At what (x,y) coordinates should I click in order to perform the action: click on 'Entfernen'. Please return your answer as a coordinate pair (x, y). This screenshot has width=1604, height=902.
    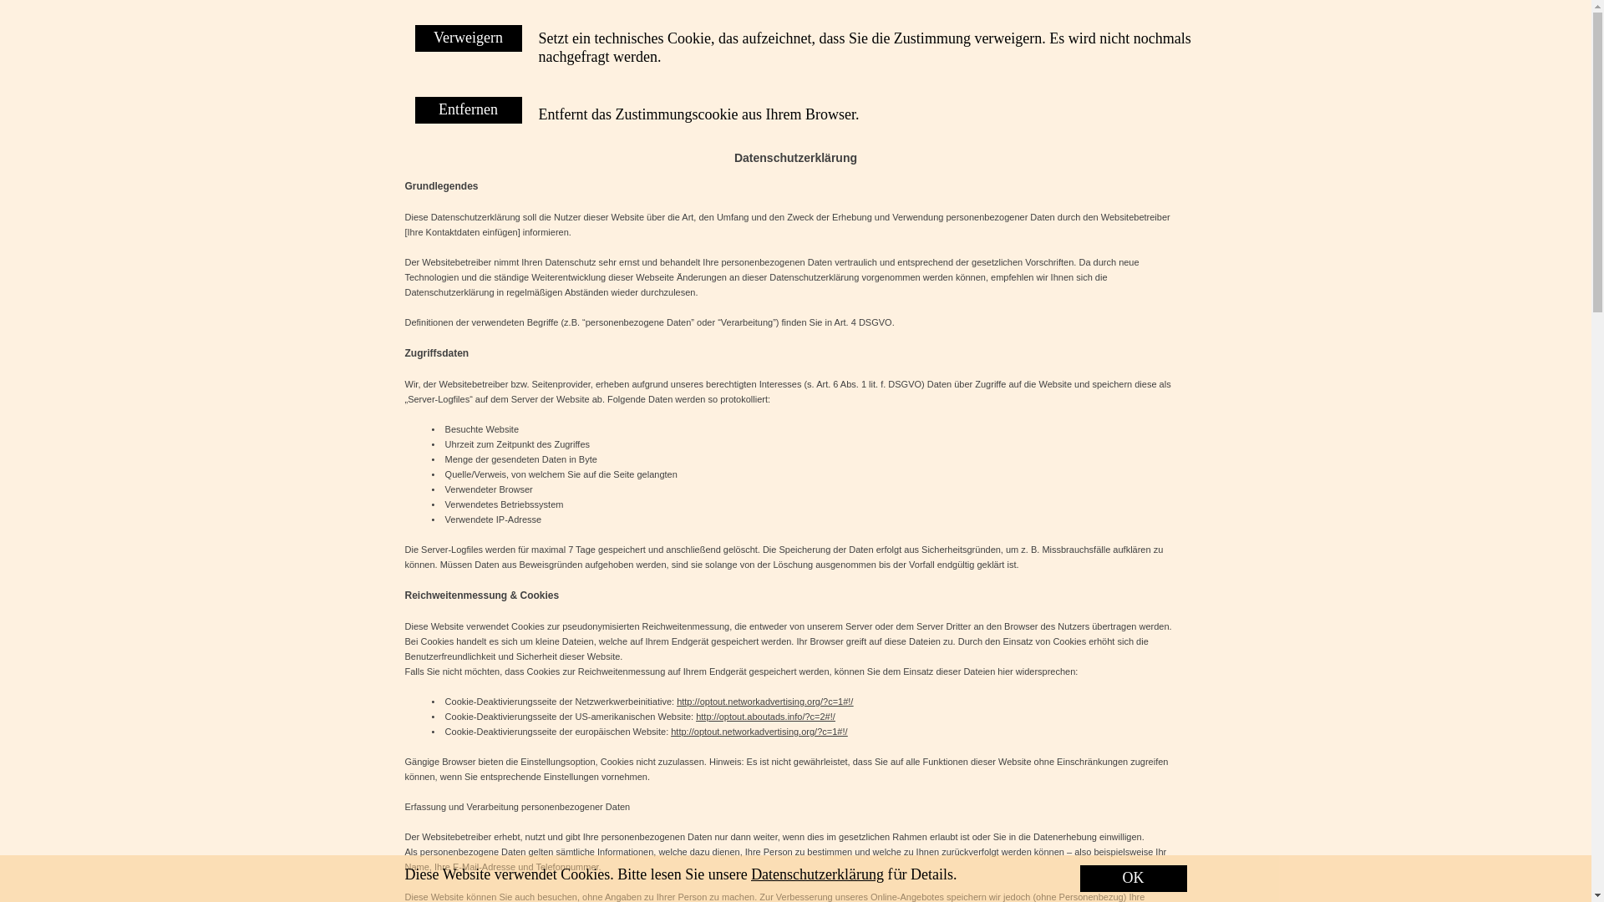
    Looking at the image, I should click on (414, 109).